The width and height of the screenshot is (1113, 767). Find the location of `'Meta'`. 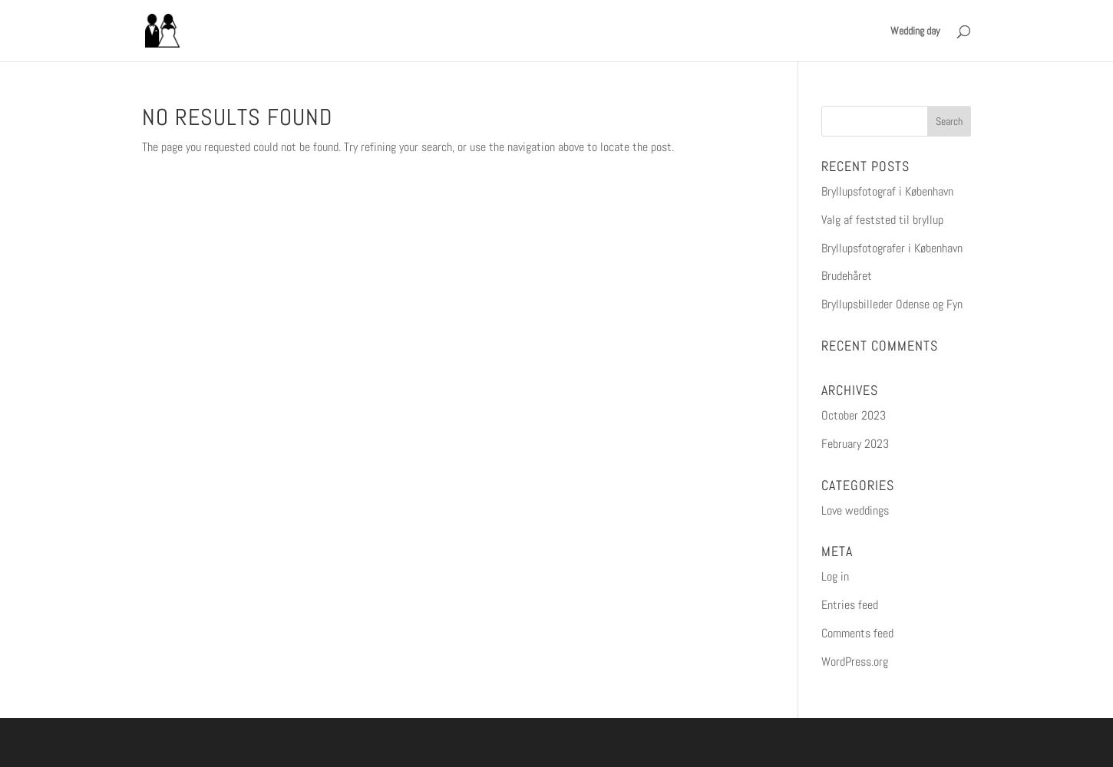

'Meta' is located at coordinates (835, 550).